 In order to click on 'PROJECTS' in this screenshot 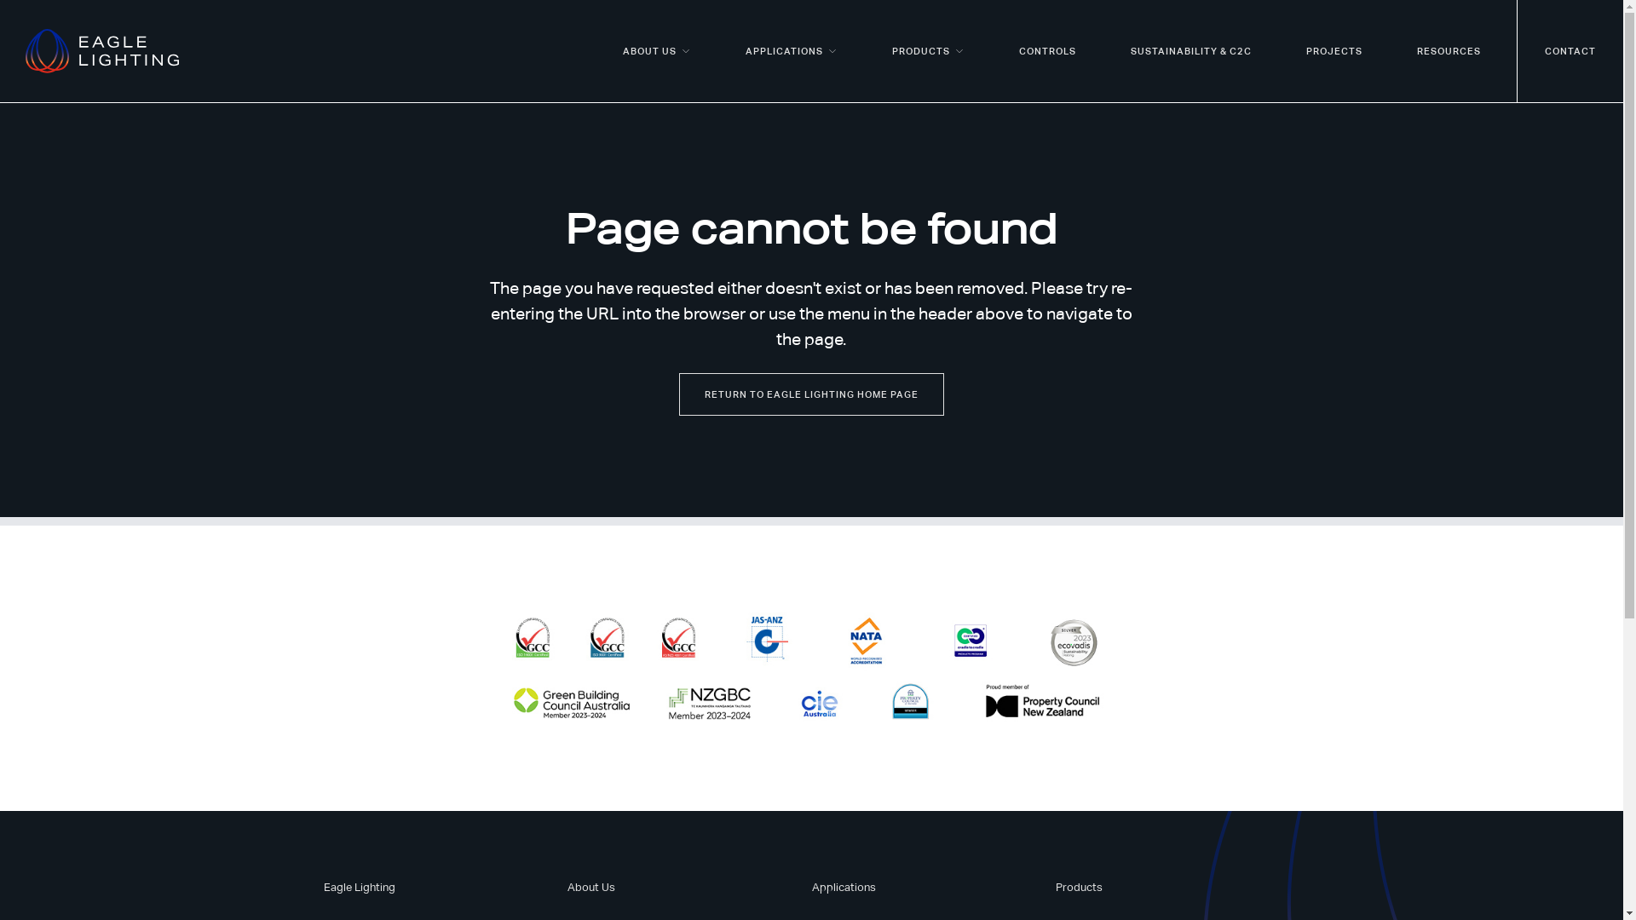, I will do `click(1333, 50)`.